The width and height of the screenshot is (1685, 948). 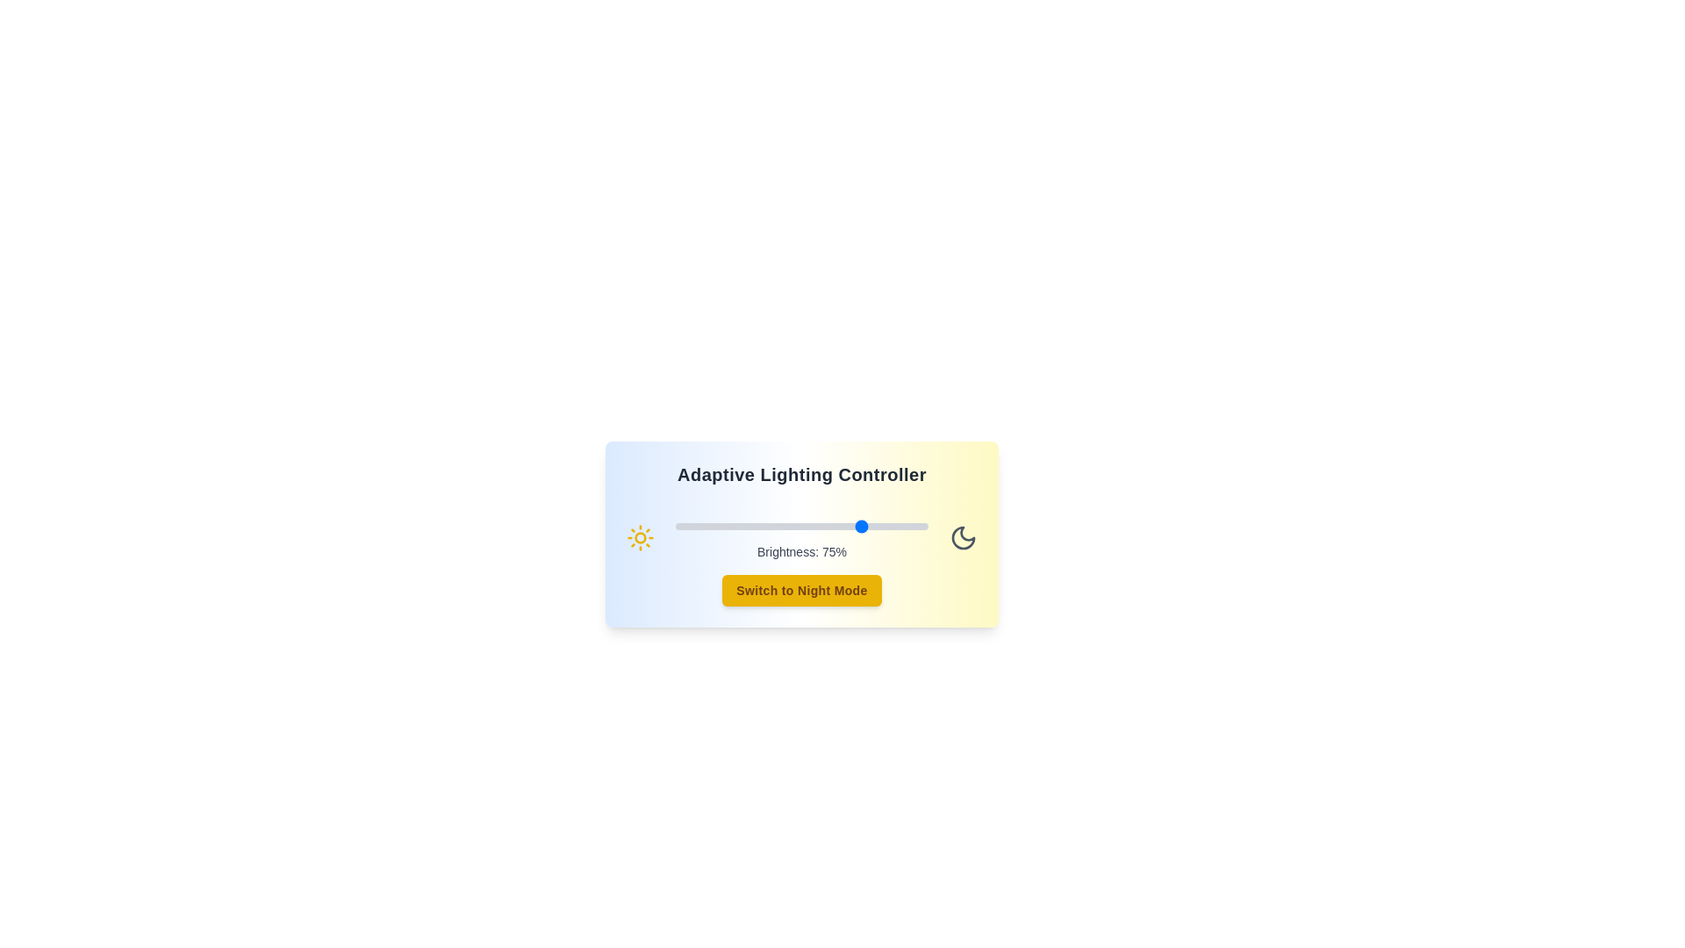 I want to click on brightness, so click(x=811, y=526).